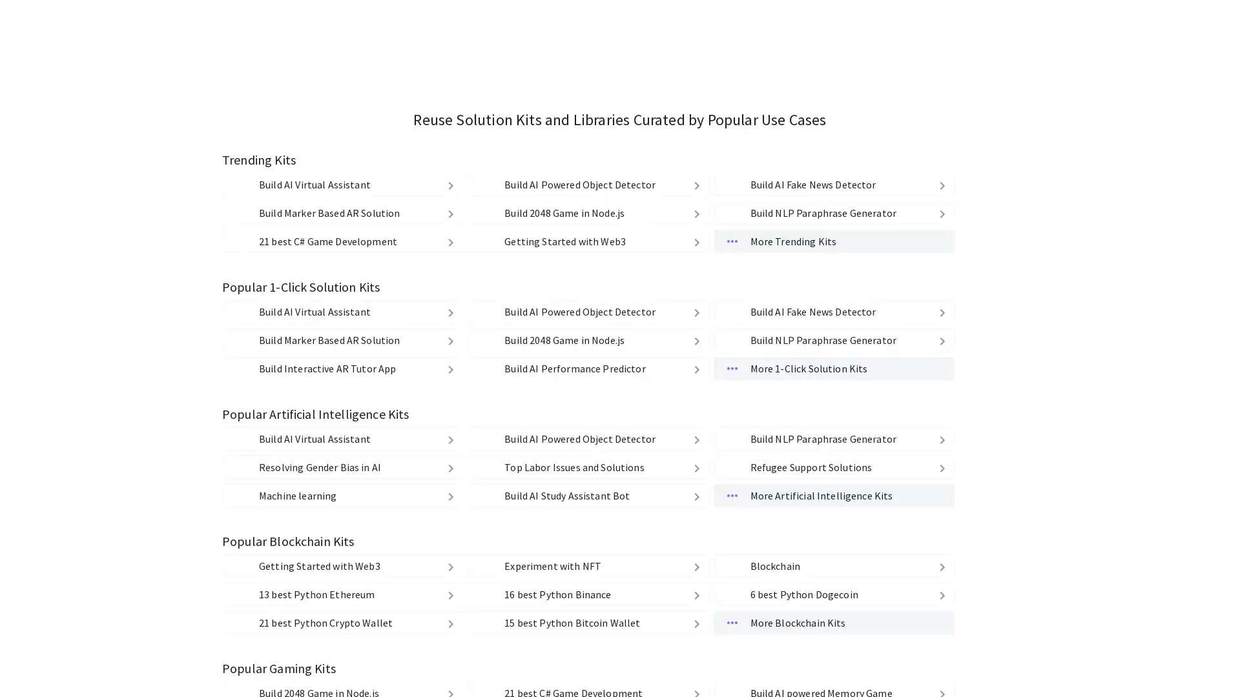 This screenshot has height=697, width=1240. I want to click on delete, so click(433, 538).